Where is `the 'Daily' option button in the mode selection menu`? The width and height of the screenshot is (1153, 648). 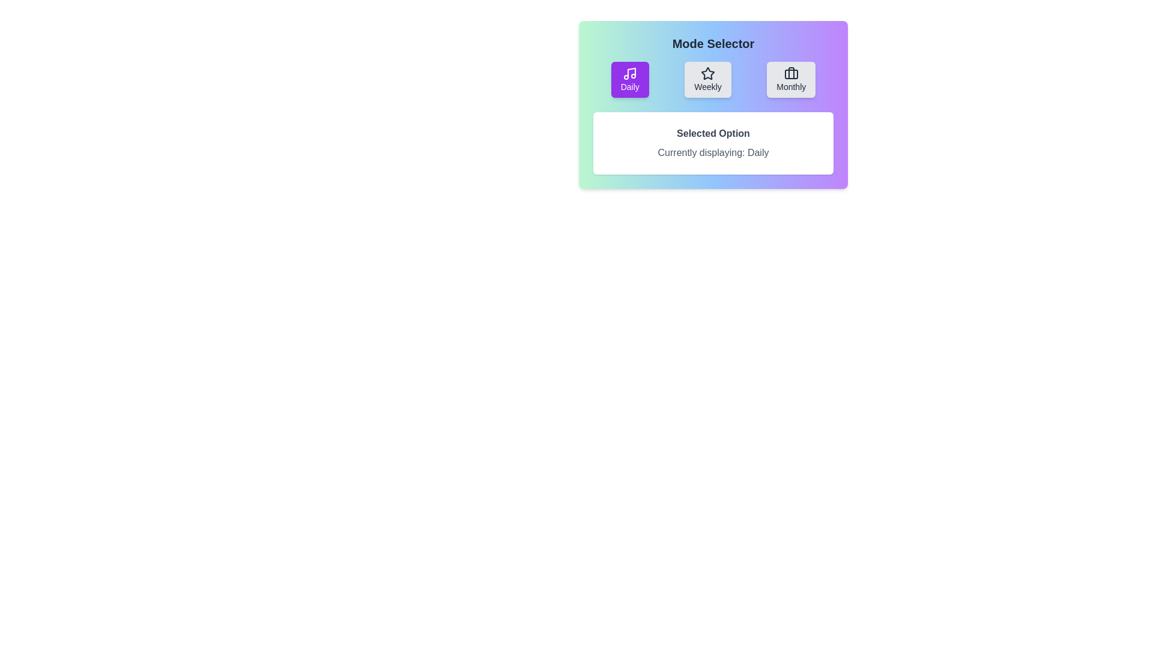
the 'Daily' option button in the mode selection menu is located at coordinates (629, 79).